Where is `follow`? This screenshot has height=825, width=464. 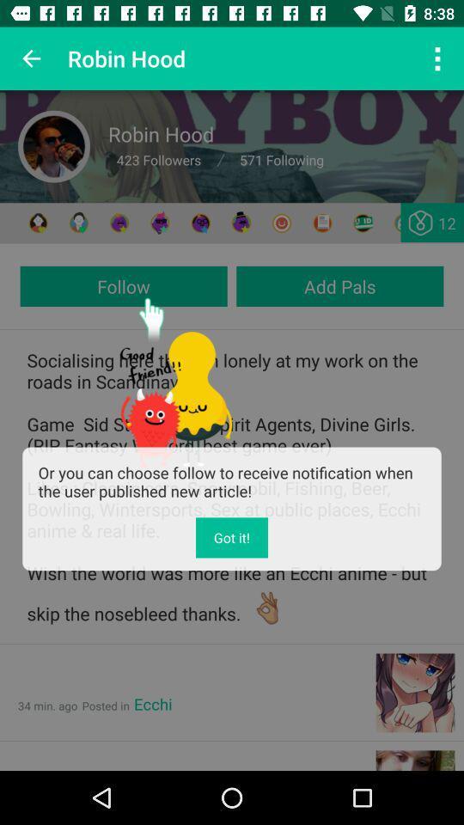
follow is located at coordinates (123, 286).